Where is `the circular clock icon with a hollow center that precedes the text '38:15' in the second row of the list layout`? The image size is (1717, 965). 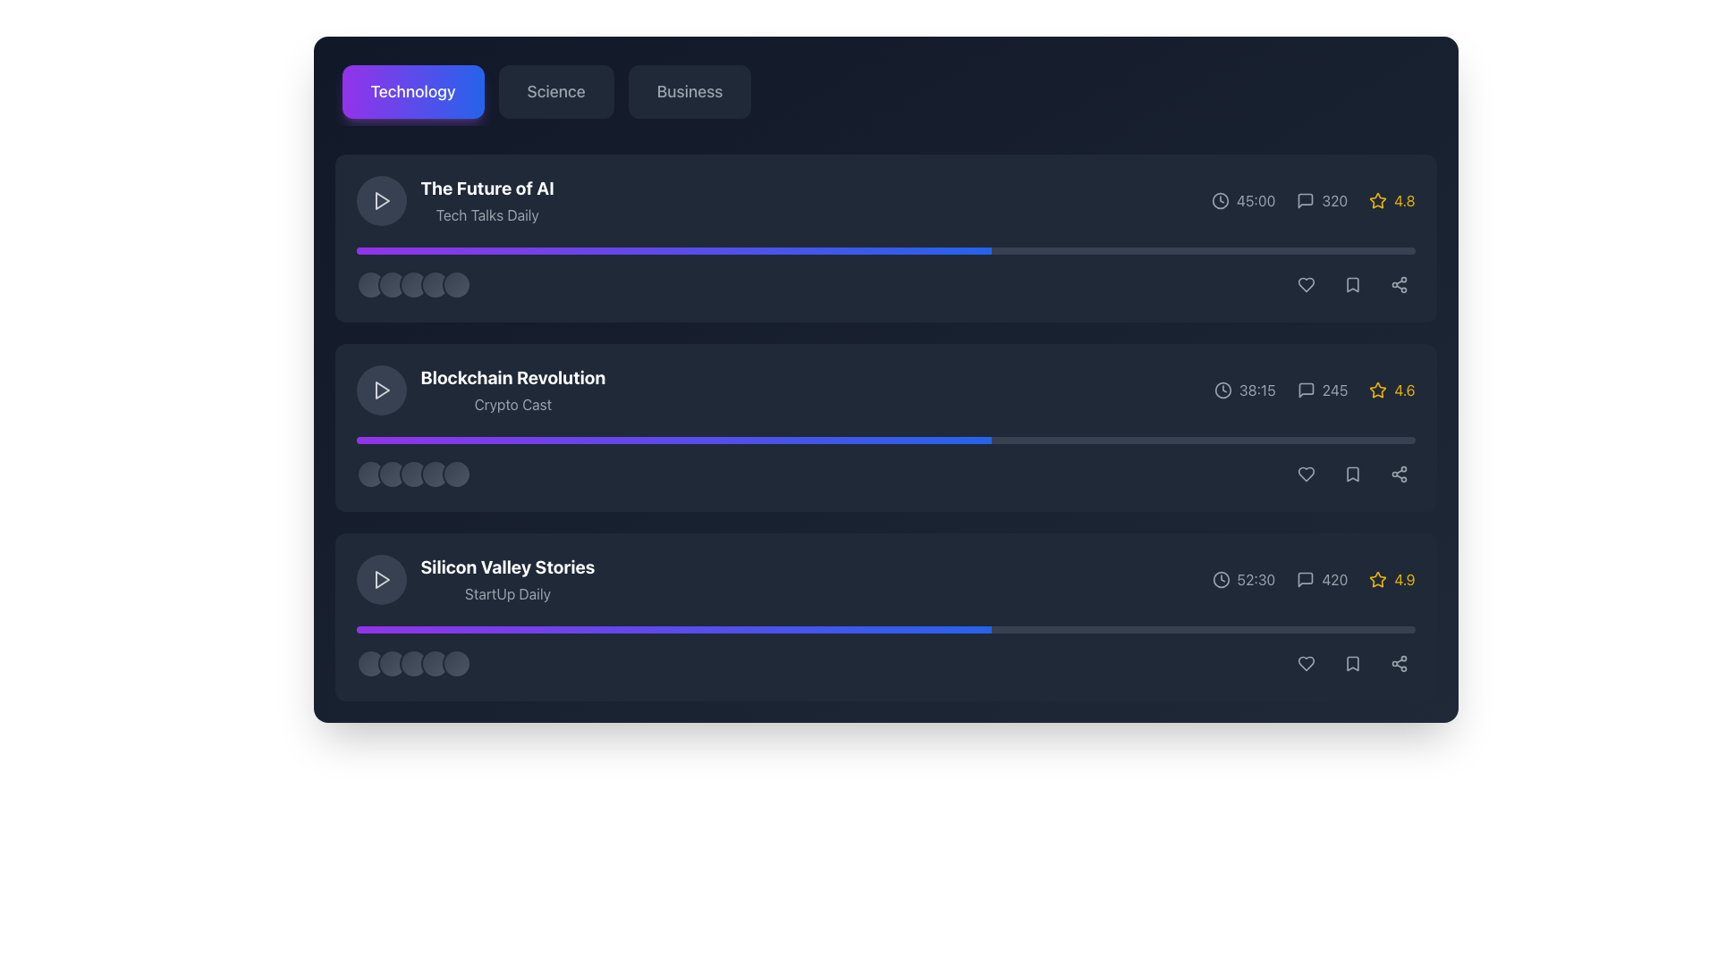
the circular clock icon with a hollow center that precedes the text '38:15' in the second row of the list layout is located at coordinates (1222, 389).